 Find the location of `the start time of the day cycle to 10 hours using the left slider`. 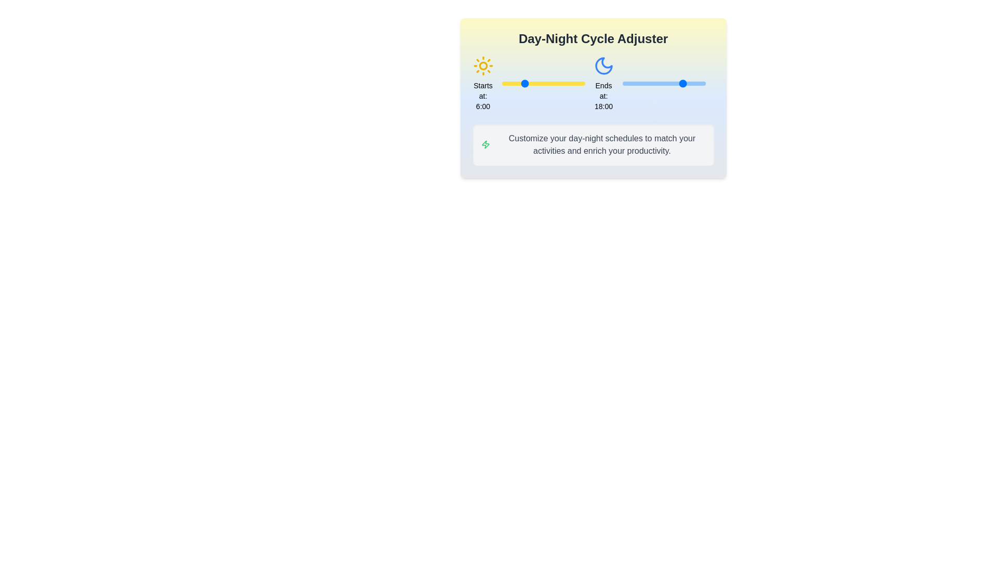

the start time of the day cycle to 10 hours using the left slider is located at coordinates (536, 83).